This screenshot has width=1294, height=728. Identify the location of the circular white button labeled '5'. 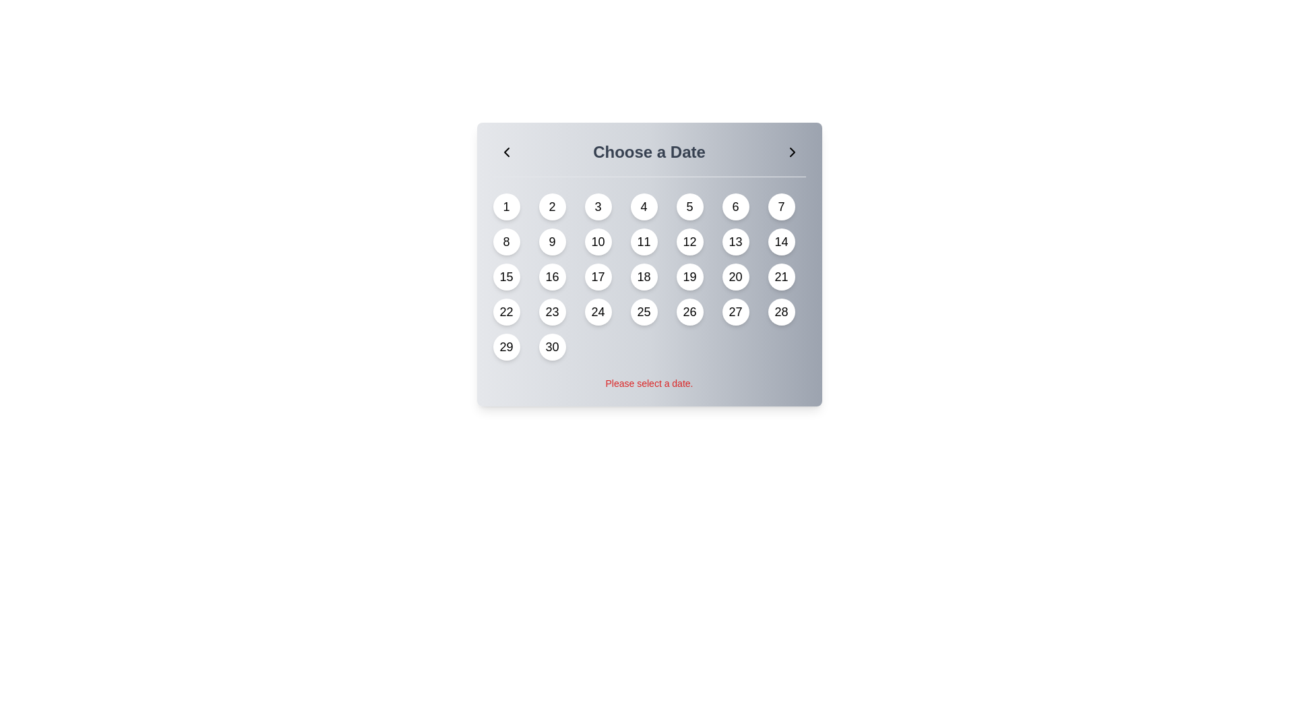
(689, 207).